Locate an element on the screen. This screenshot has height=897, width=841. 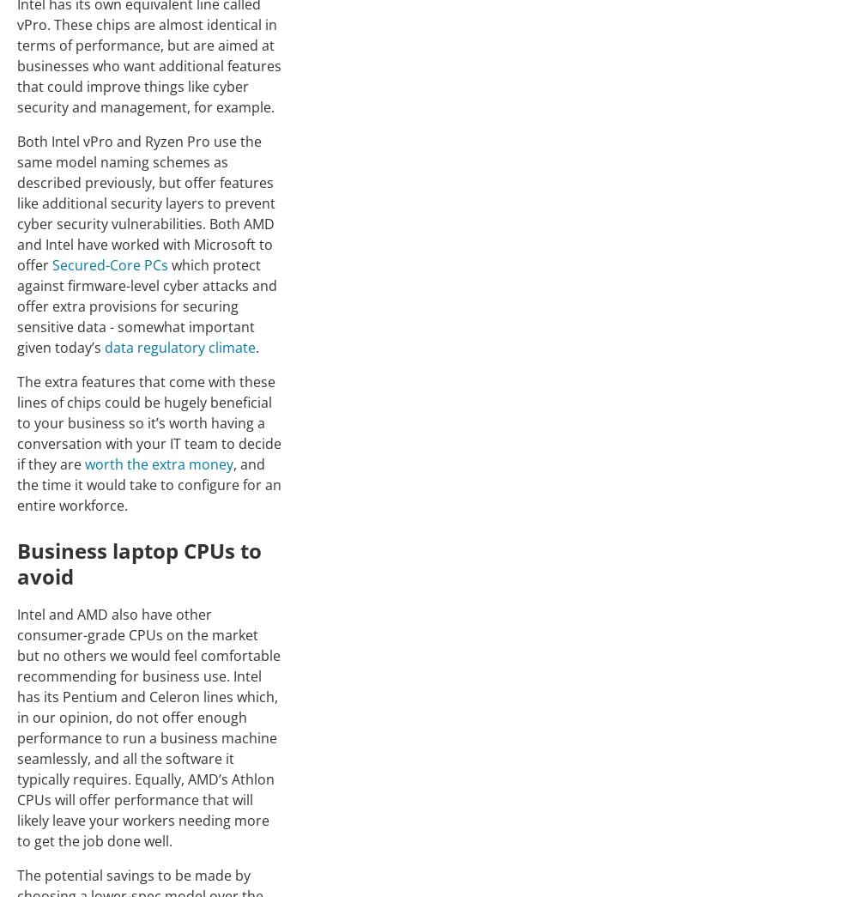
'Business laptop CPUs to avoid' is located at coordinates (139, 562).